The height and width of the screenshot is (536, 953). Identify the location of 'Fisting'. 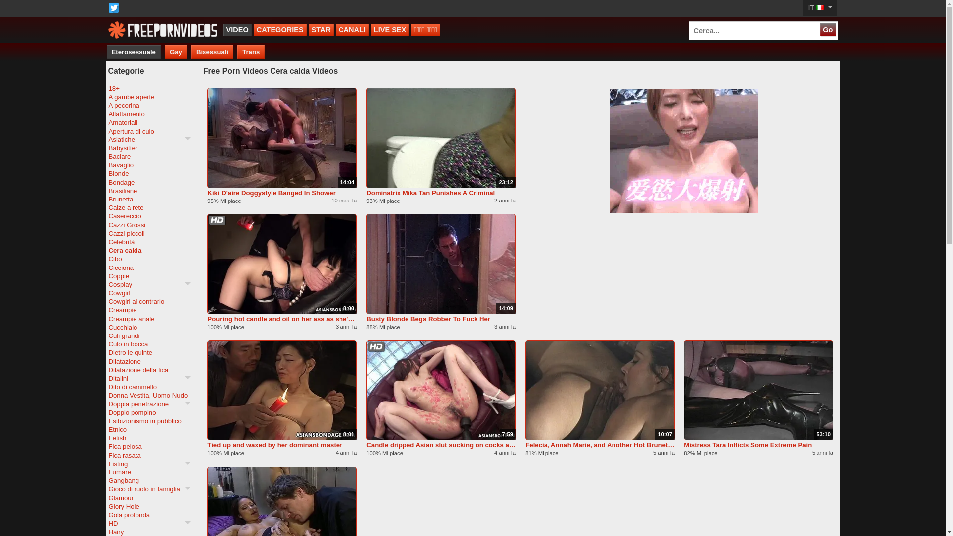
(108, 464).